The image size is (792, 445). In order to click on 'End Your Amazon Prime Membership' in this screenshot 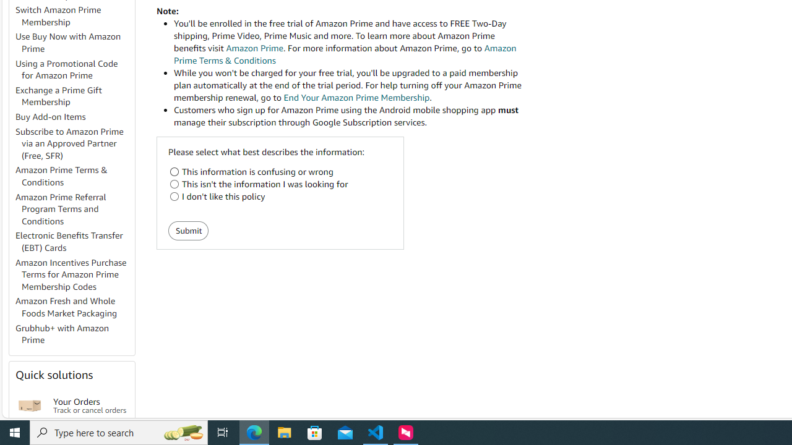, I will do `click(356, 97)`.